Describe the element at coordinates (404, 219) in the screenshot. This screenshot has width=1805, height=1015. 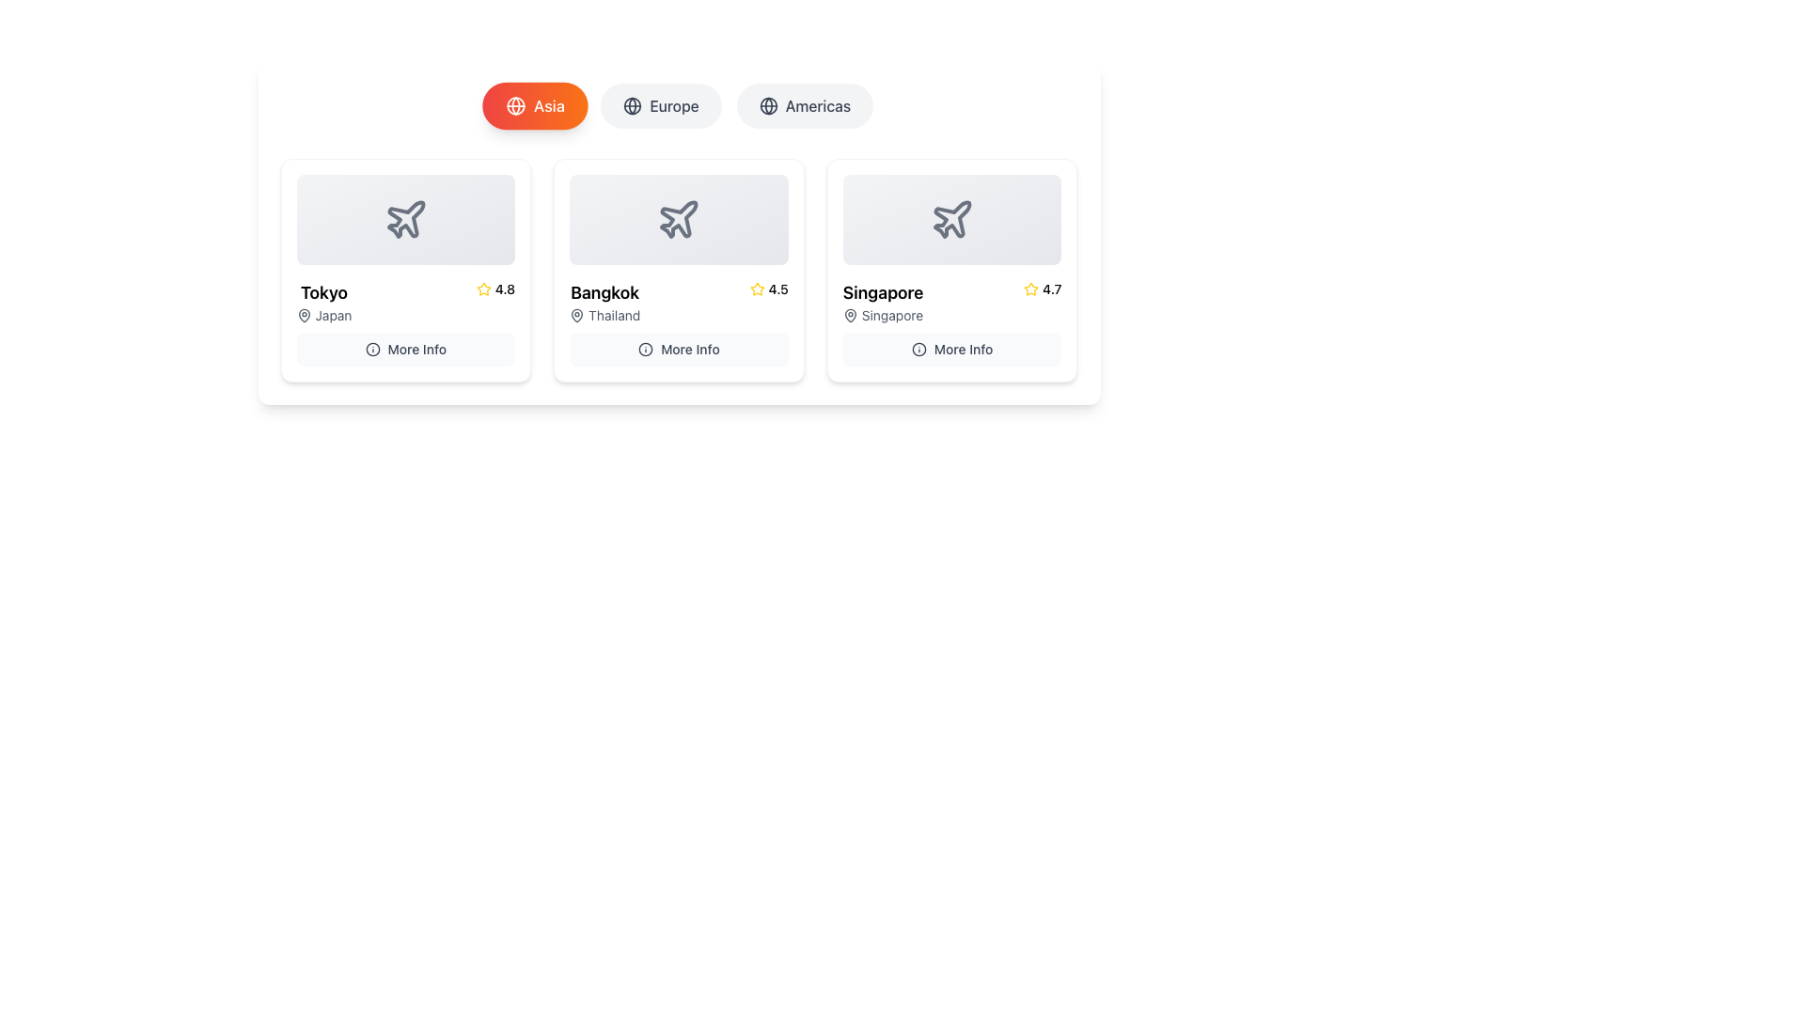
I see `the airplane icon located at the top of the 'Tokyo, Japan' card to change its color` at that location.